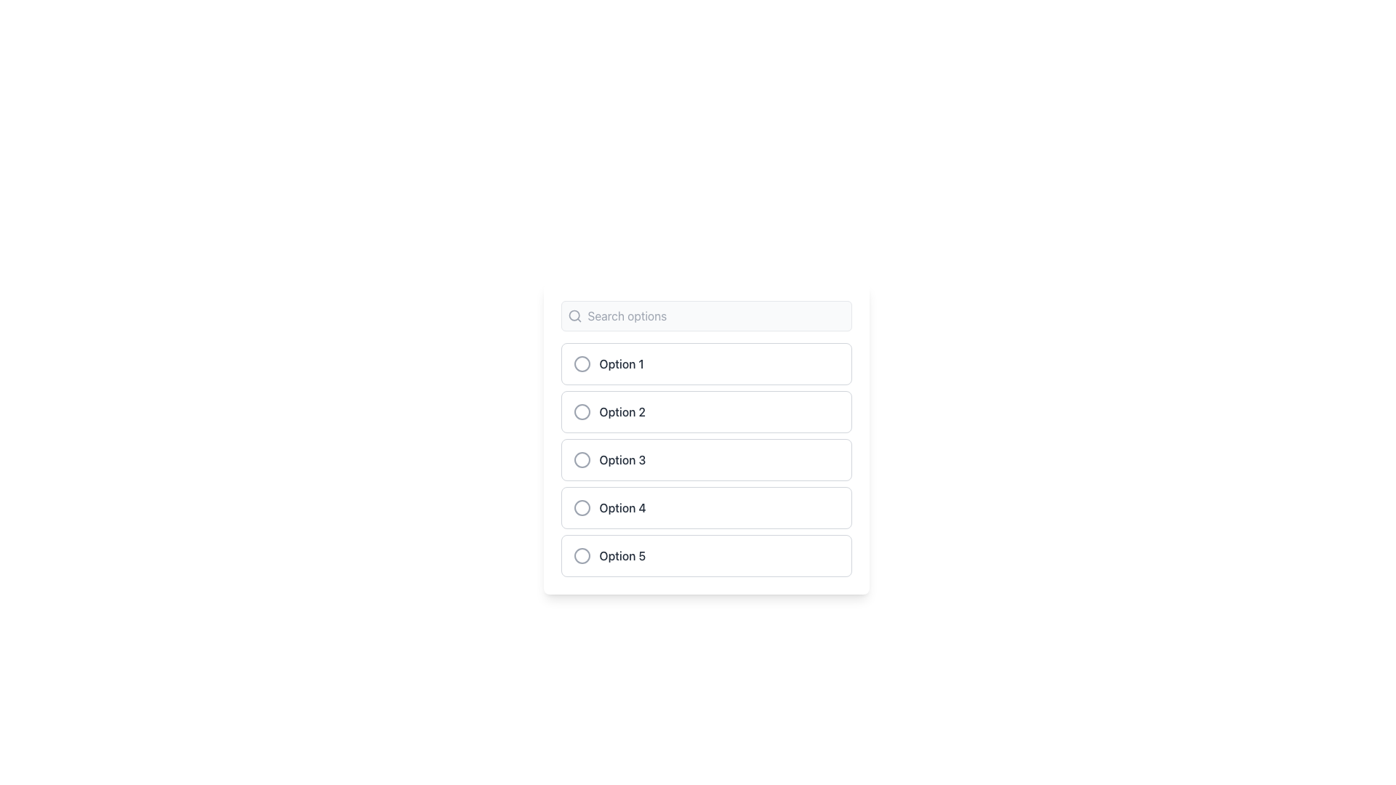 The image size is (1396, 785). I want to click on the unfilled radio button located to the left of the text 'Option 1', so click(582, 363).